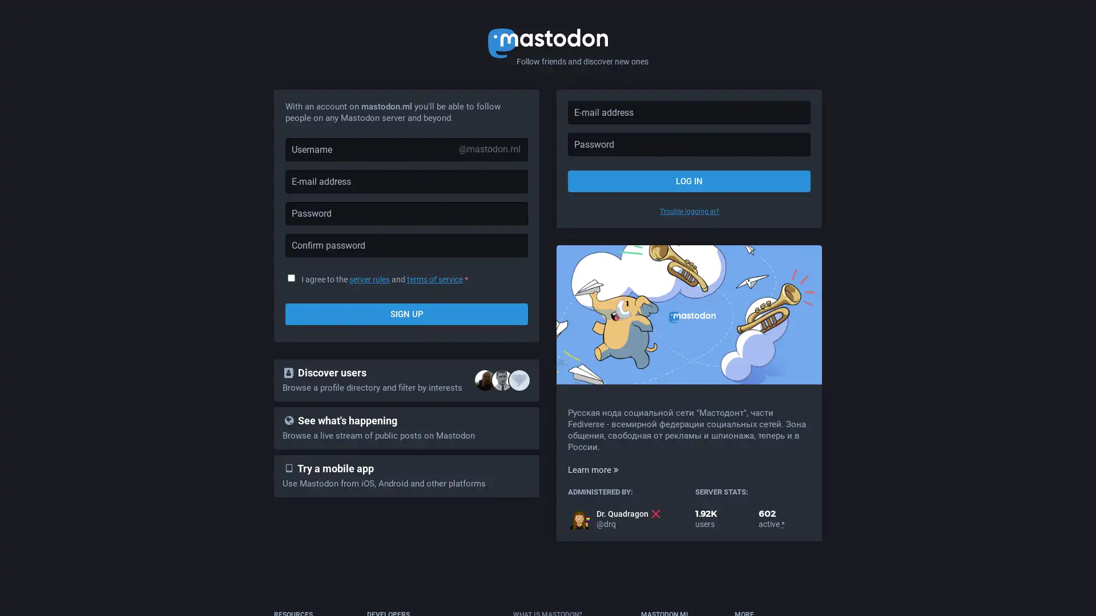  I want to click on SIGN UP, so click(406, 314).